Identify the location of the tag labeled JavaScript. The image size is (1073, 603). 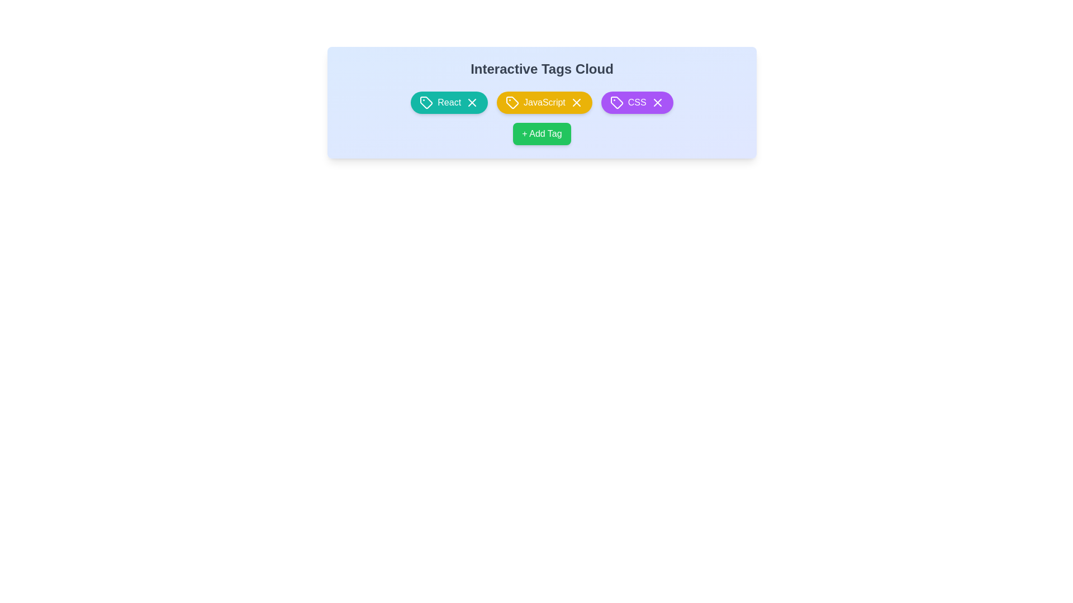
(544, 103).